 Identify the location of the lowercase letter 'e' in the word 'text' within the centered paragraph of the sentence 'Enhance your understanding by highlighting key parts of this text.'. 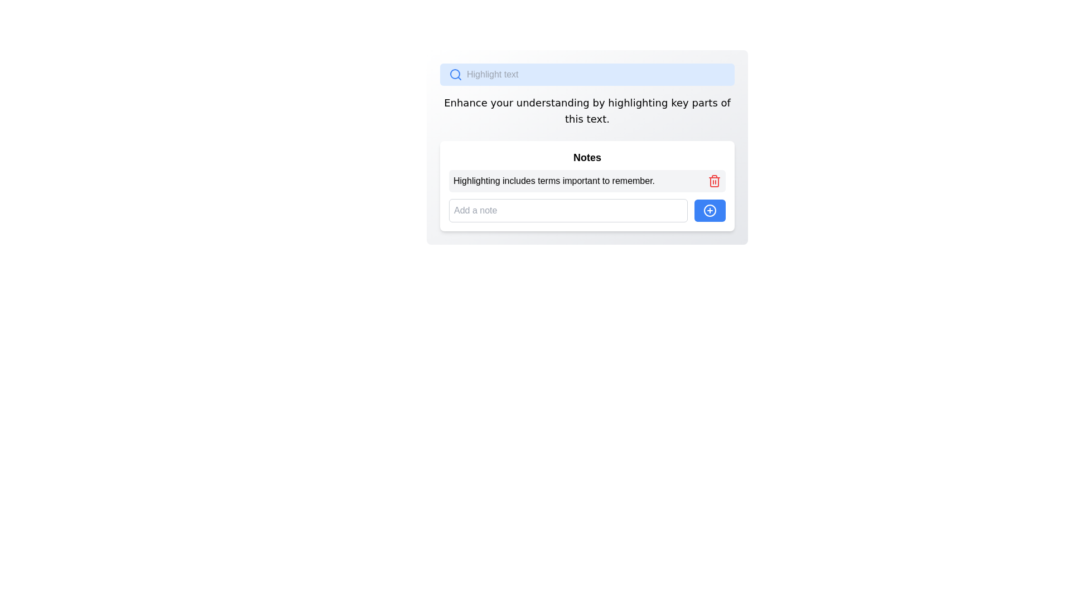
(593, 119).